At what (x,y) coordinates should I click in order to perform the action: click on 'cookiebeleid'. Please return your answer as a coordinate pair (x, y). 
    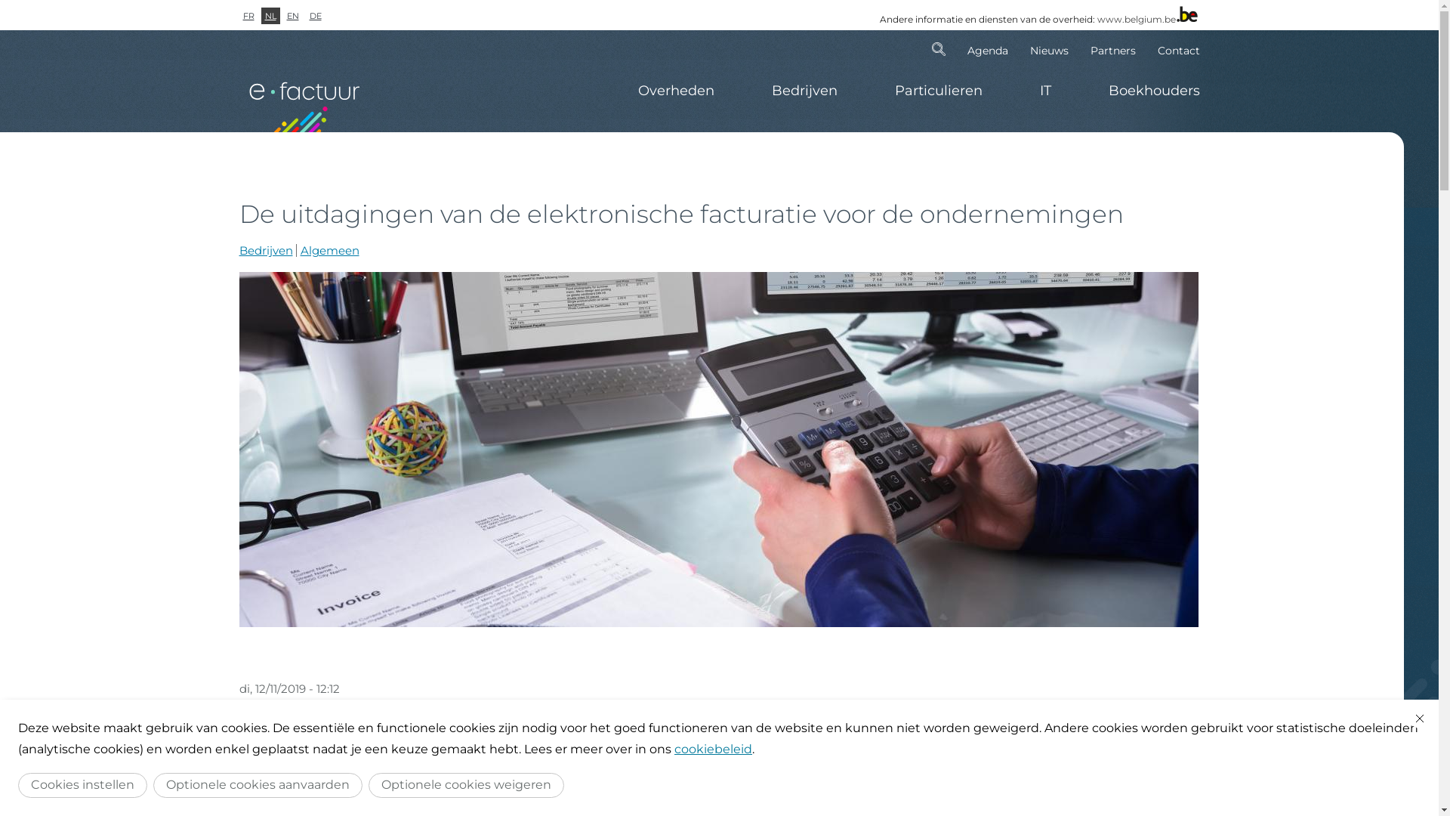
    Looking at the image, I should click on (712, 749).